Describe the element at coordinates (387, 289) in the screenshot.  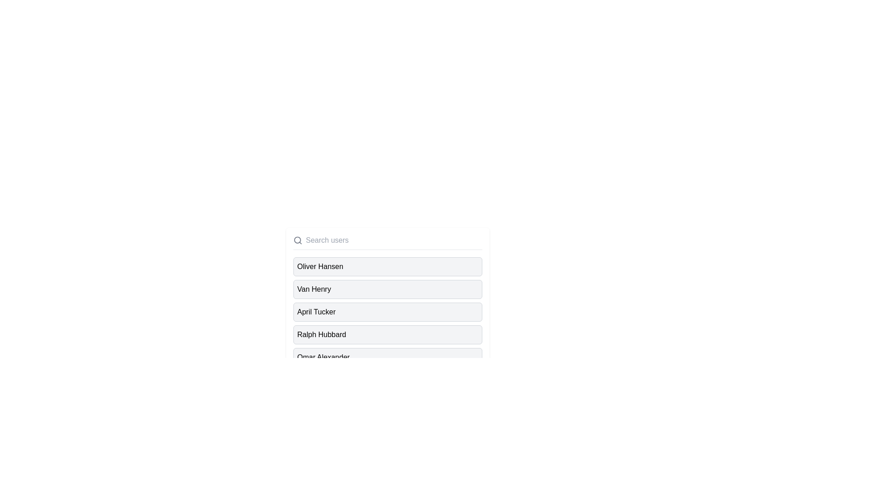
I see `the selectable list item representing the user named 'Van Henry', which is the second item in the list, positioned below 'Oliver Hansen' and above 'April Tucker'` at that location.